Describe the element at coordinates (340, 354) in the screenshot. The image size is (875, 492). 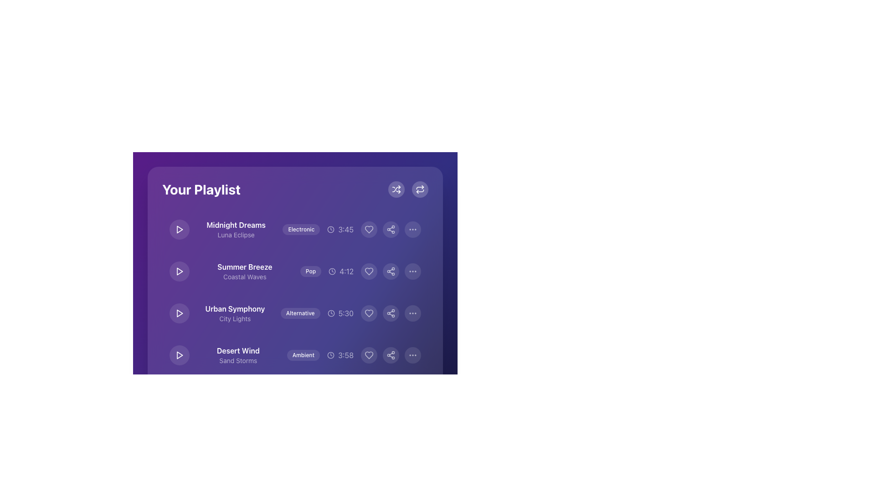
I see `the time indicator displaying '3:58' with a clock icon, located on the fourth row of the playlist section, to the right of 'Ambient'` at that location.